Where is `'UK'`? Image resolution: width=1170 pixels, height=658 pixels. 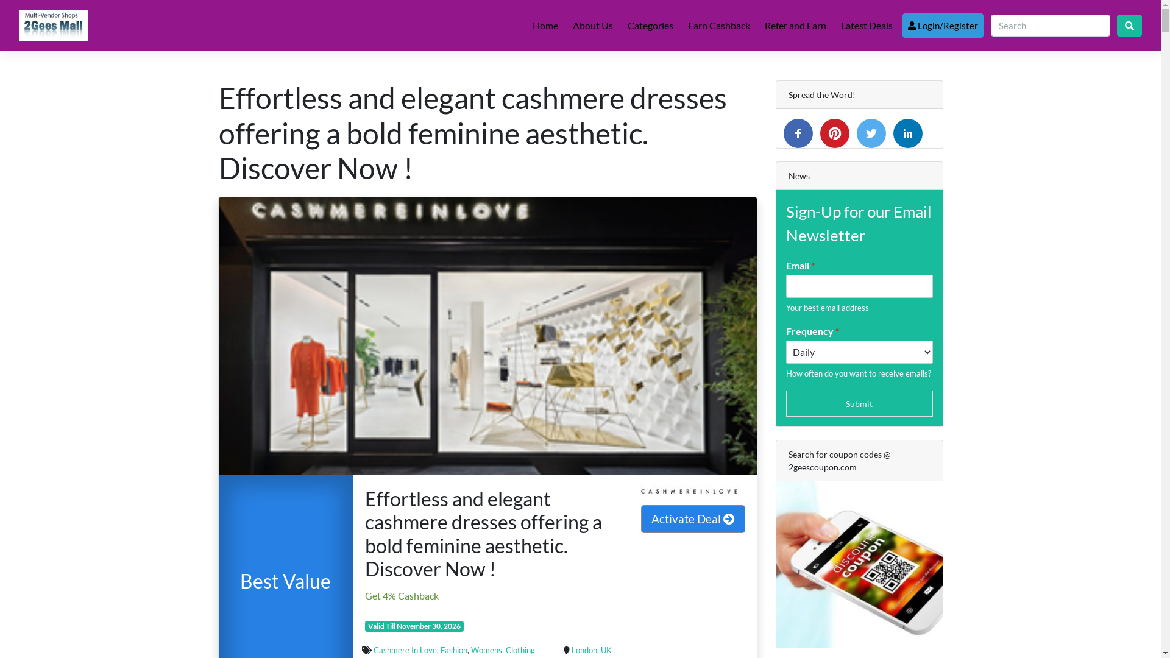
'UK' is located at coordinates (606, 649).